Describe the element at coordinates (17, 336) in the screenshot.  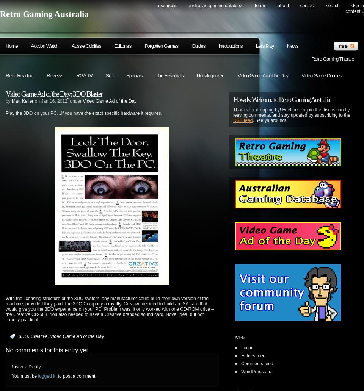
I see `':'` at that location.